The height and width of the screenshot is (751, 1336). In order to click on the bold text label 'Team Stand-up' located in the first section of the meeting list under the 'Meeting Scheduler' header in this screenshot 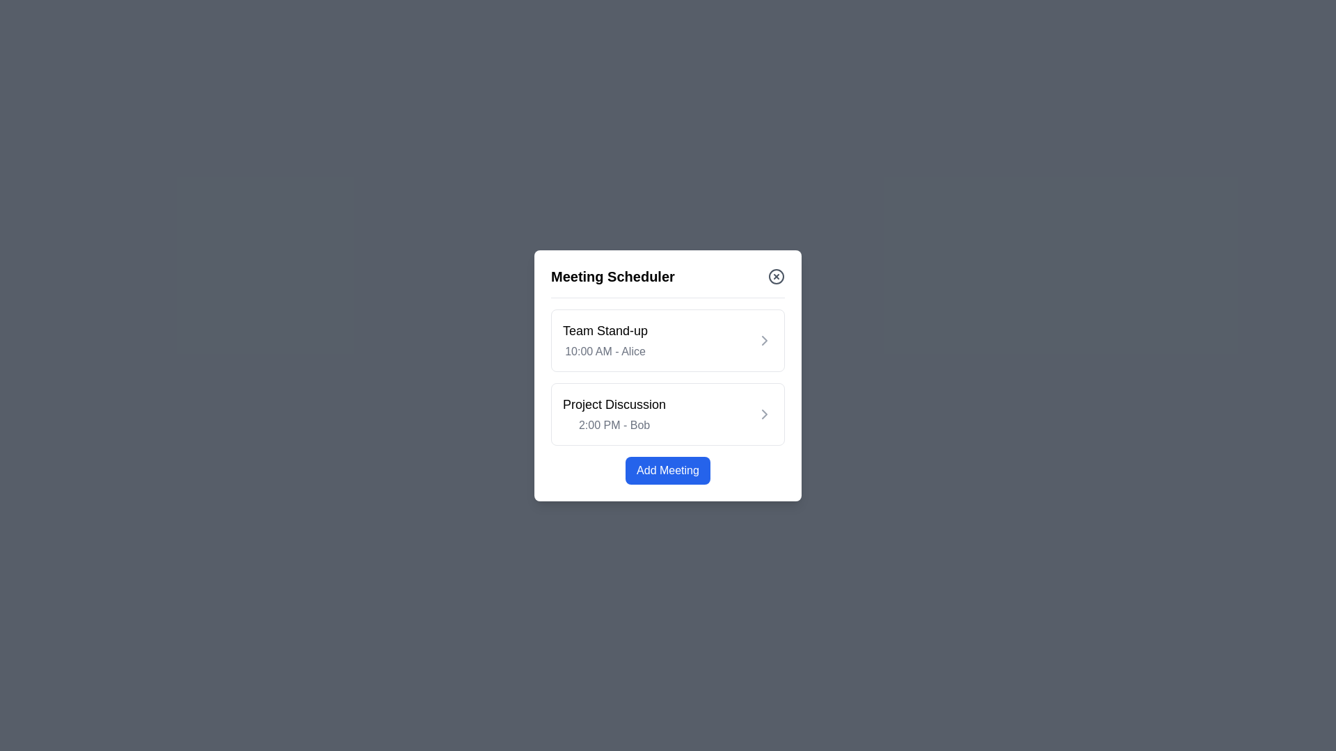, I will do `click(605, 330)`.